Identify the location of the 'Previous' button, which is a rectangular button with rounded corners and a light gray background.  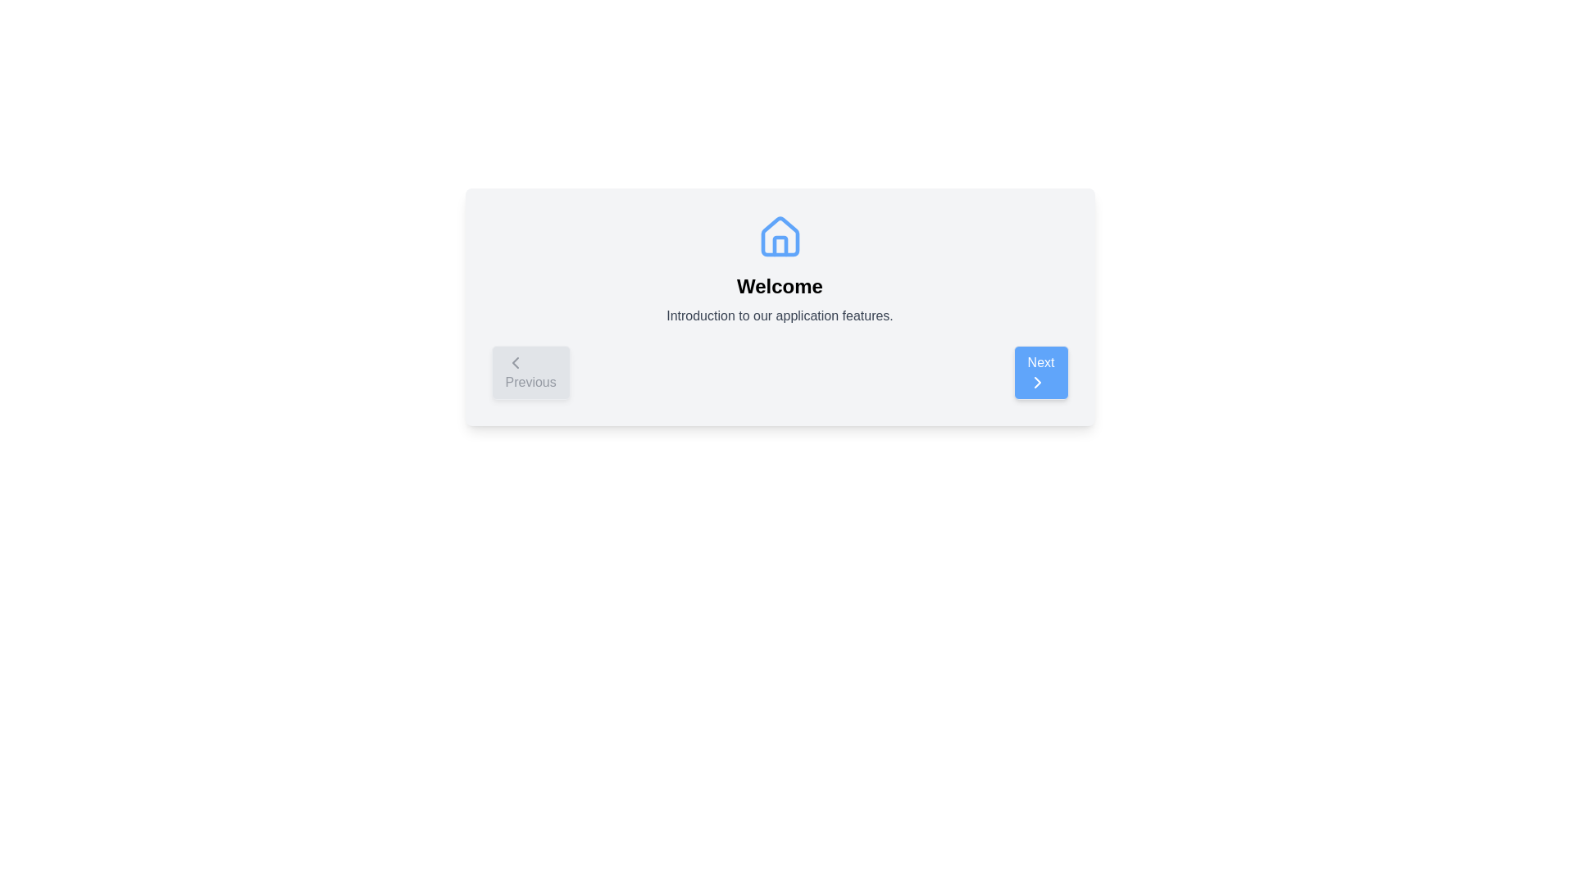
(530, 373).